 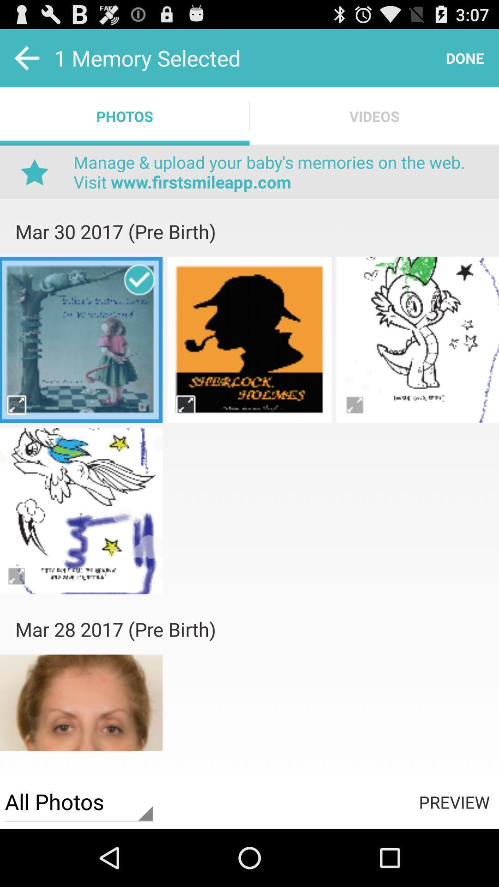 I want to click on enlarge photo, so click(x=354, y=405).